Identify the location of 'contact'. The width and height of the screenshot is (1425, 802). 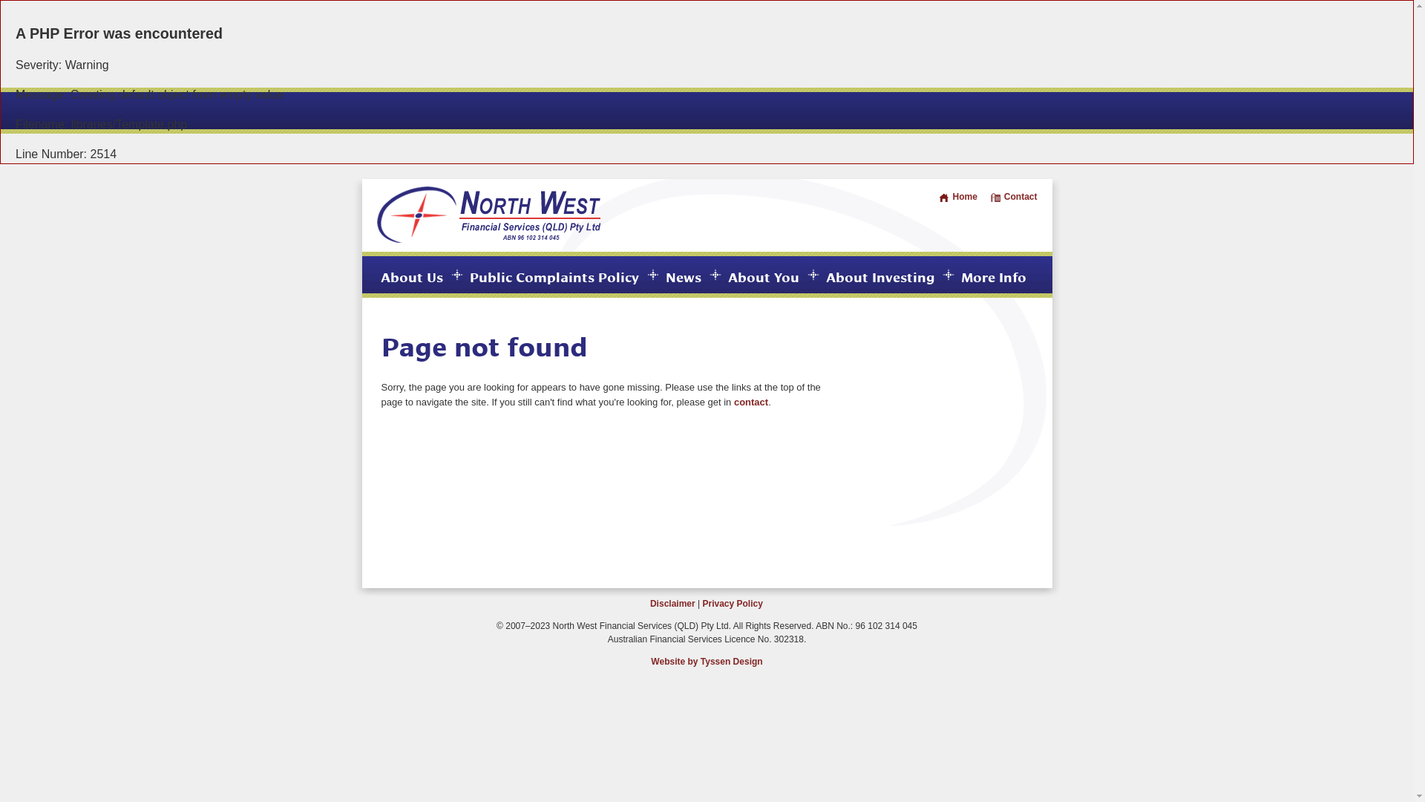
(751, 402).